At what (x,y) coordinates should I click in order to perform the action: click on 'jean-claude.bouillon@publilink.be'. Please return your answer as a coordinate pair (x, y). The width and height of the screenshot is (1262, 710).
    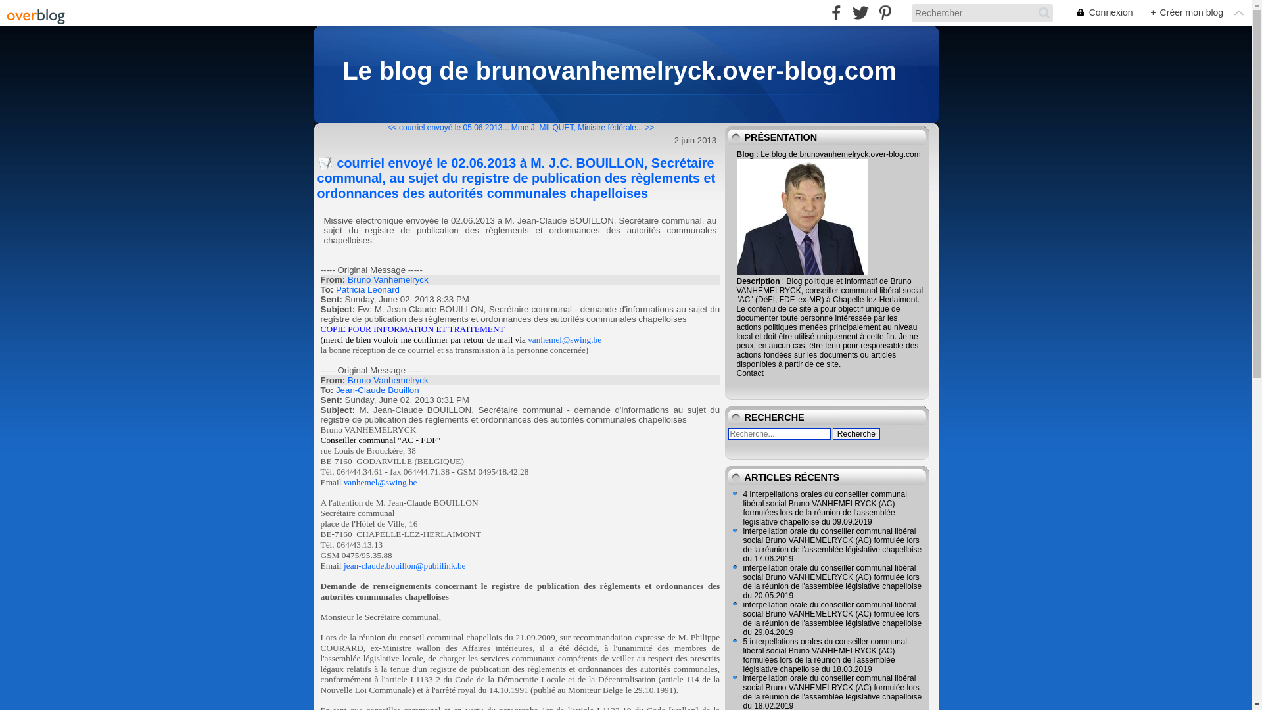
    Looking at the image, I should click on (404, 565).